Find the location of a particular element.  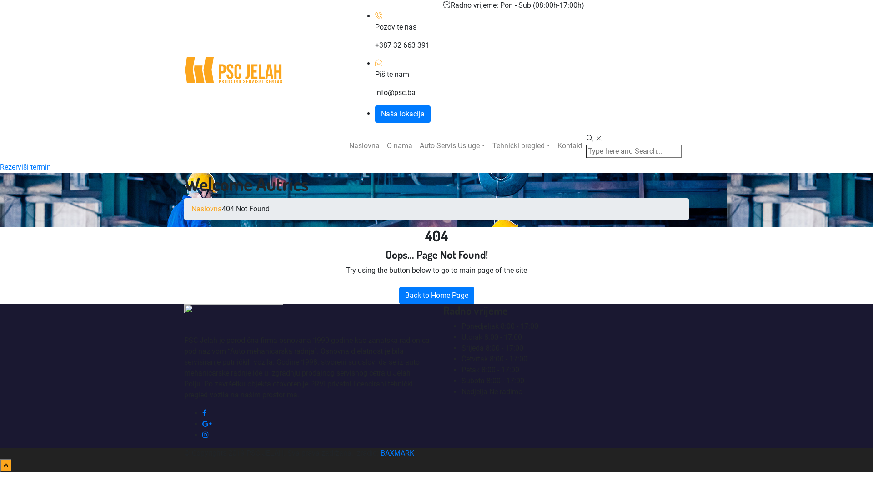

'Naslovna' is located at coordinates (191, 209).